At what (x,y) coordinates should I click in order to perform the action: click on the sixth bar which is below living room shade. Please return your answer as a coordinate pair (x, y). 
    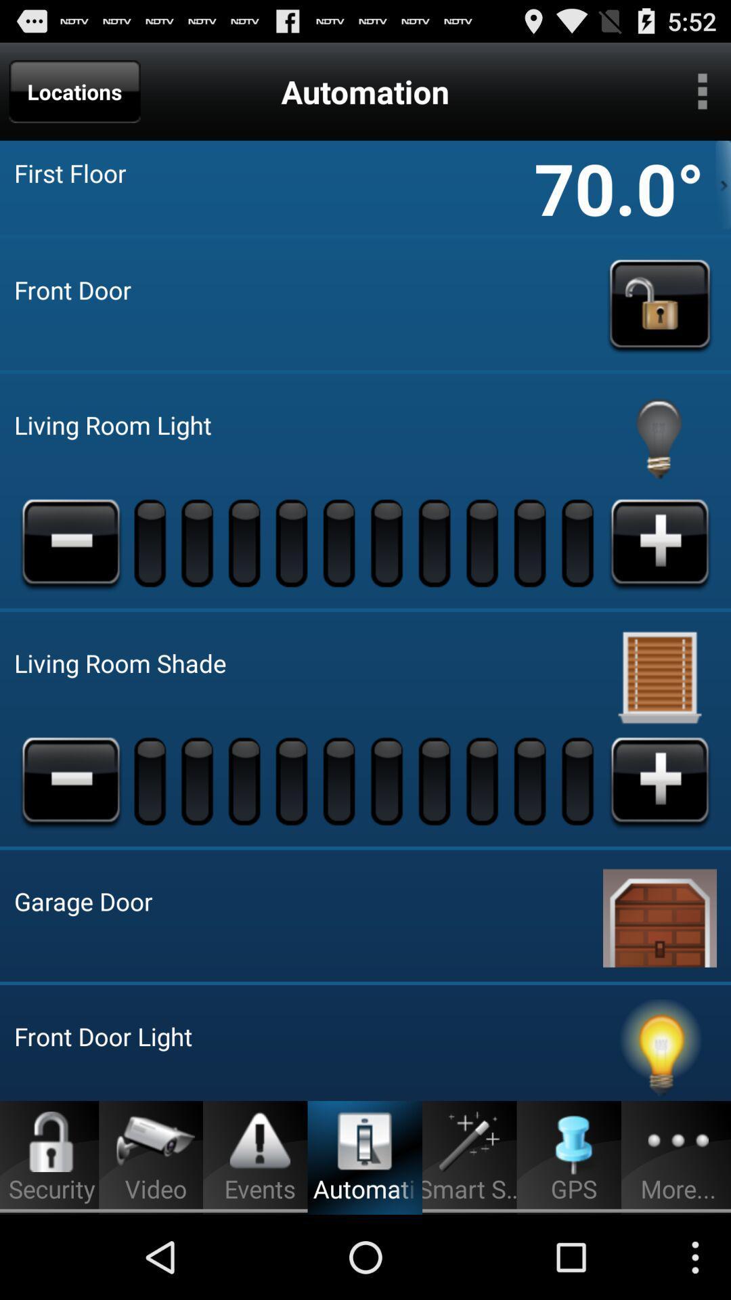
    Looking at the image, I should click on (389, 780).